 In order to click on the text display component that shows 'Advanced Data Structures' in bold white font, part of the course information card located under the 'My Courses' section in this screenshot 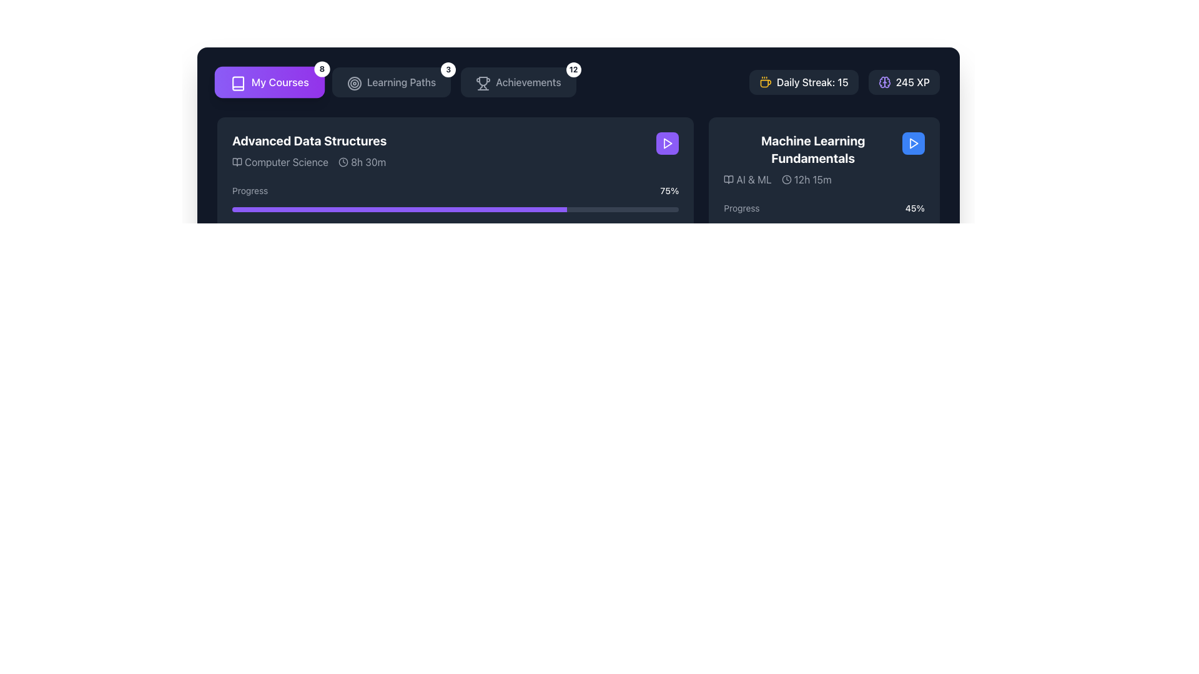, I will do `click(309, 150)`.